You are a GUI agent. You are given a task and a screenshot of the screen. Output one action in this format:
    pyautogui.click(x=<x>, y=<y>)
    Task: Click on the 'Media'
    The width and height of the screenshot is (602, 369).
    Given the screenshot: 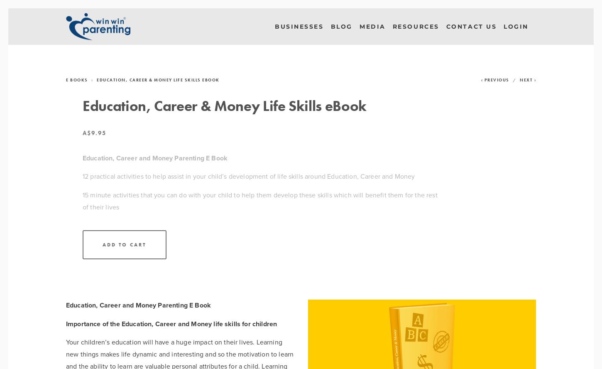 What is the action you would take?
    pyautogui.click(x=372, y=25)
    